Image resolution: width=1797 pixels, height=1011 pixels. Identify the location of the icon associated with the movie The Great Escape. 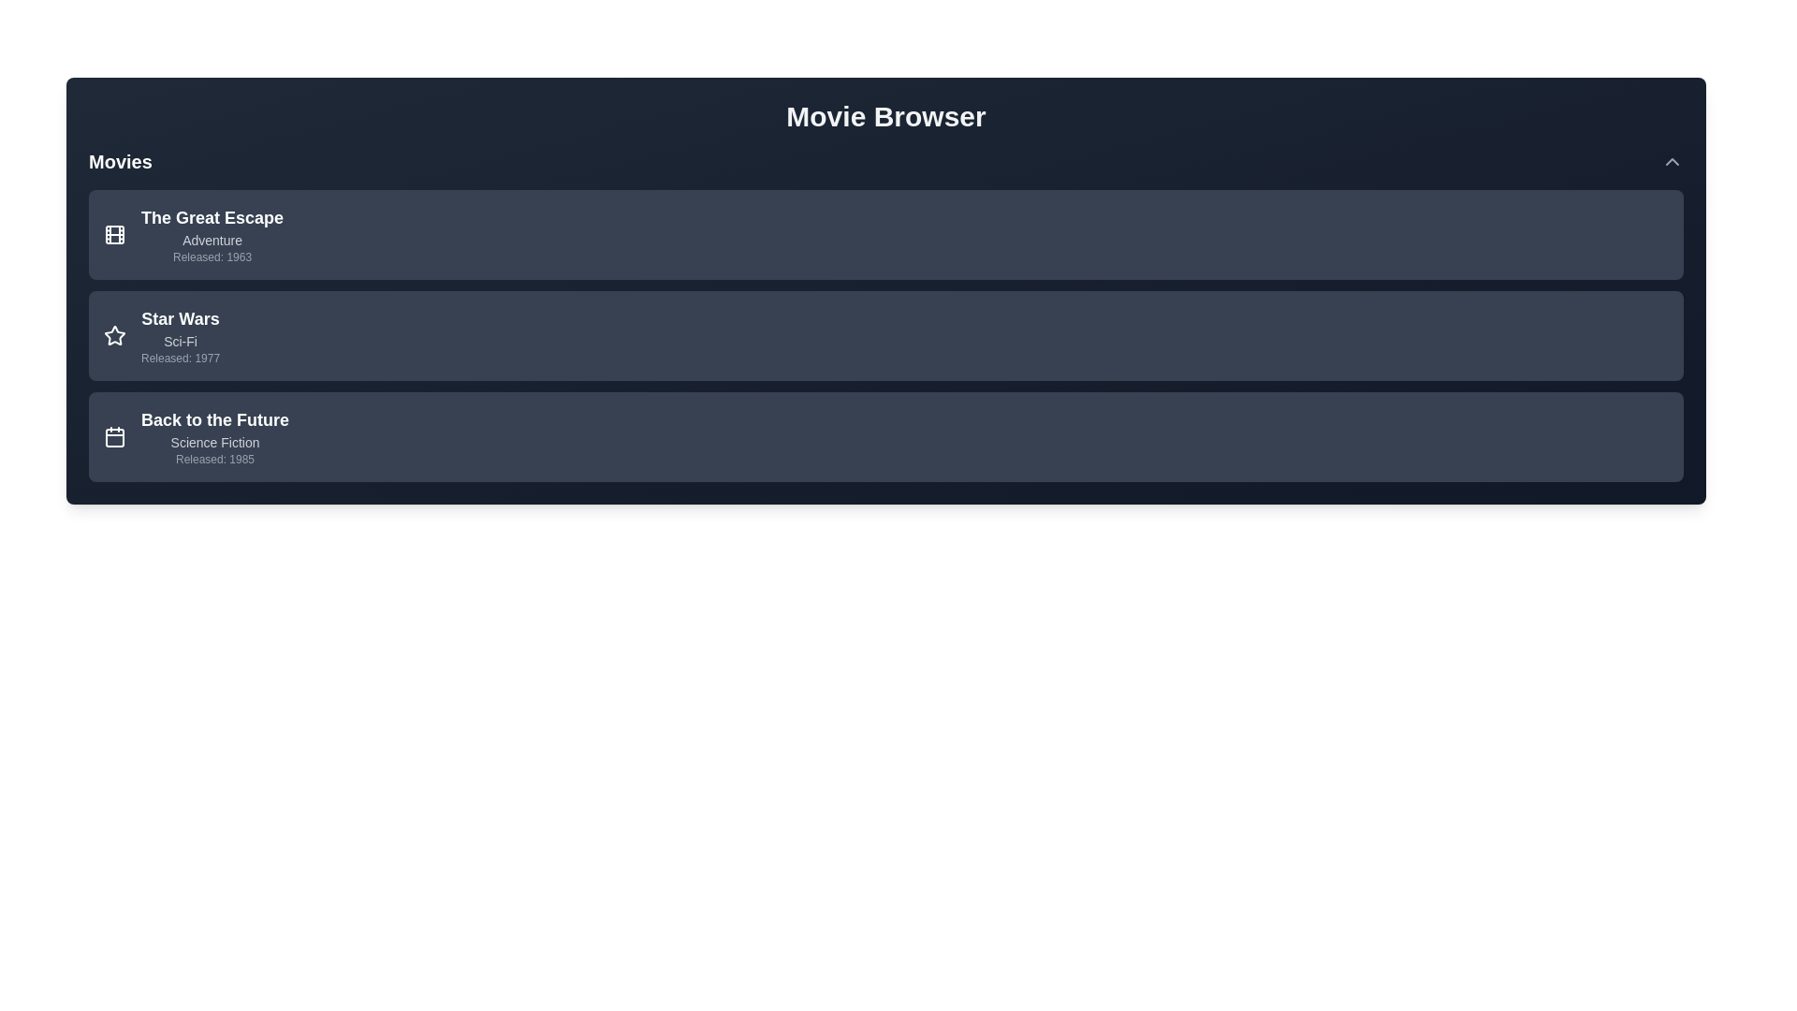
(114, 233).